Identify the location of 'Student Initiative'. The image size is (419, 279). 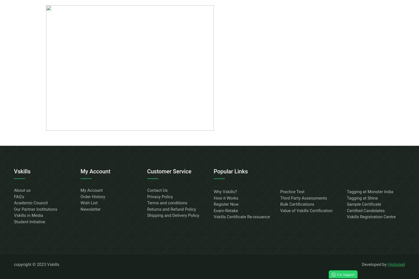
(29, 221).